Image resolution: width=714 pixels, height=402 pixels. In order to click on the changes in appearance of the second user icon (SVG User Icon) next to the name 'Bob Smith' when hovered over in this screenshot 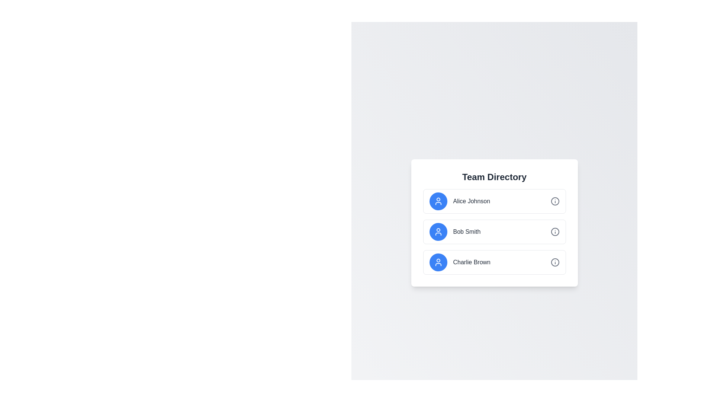, I will do `click(438, 232)`.